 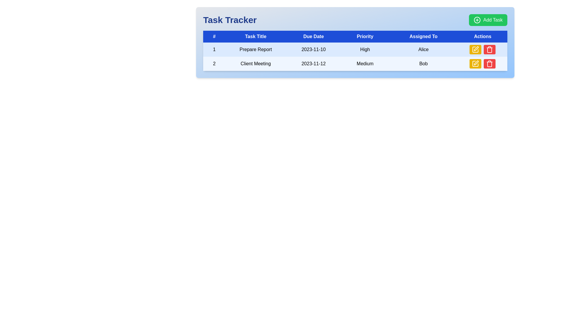 I want to click on the 'Actions' column header cell, so click(x=483, y=36).